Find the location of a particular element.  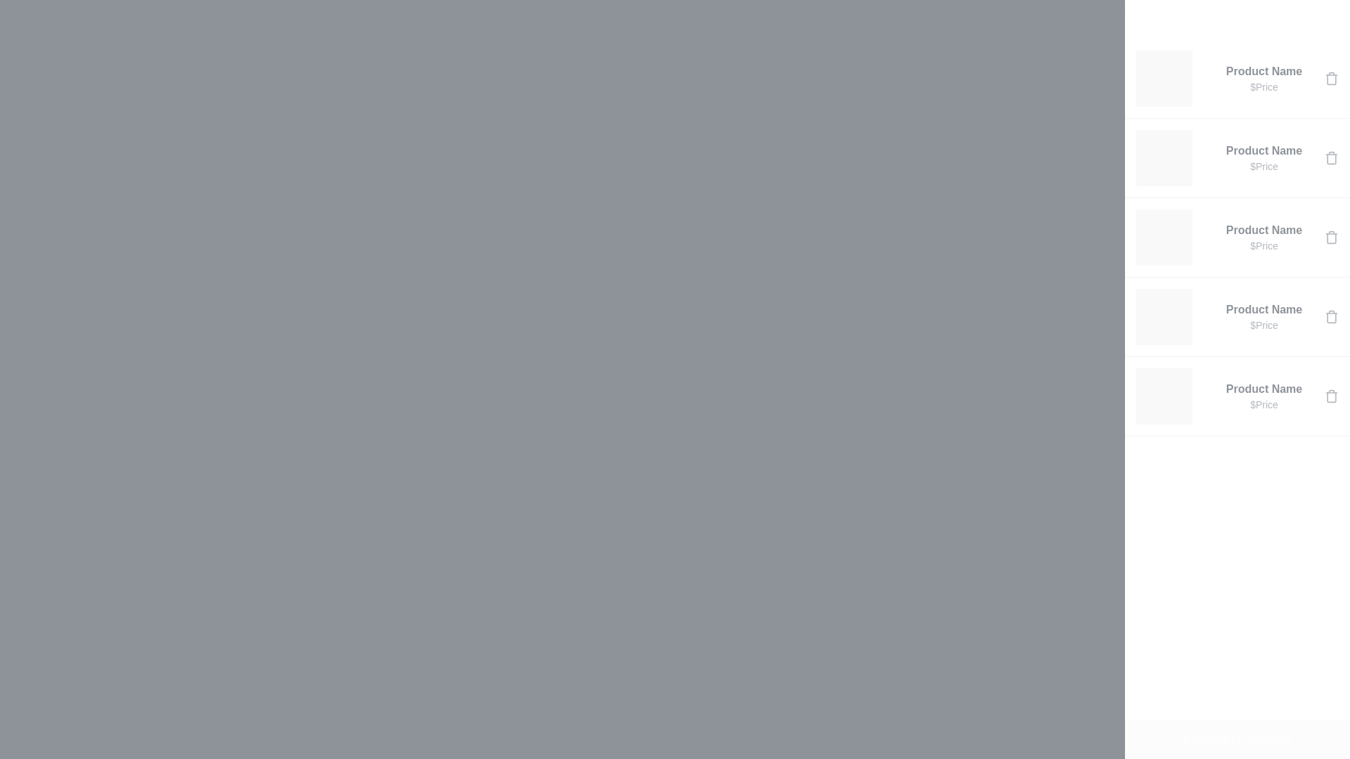

the Trash Icon Button located at the far right of the product item list is located at coordinates (1331, 317).